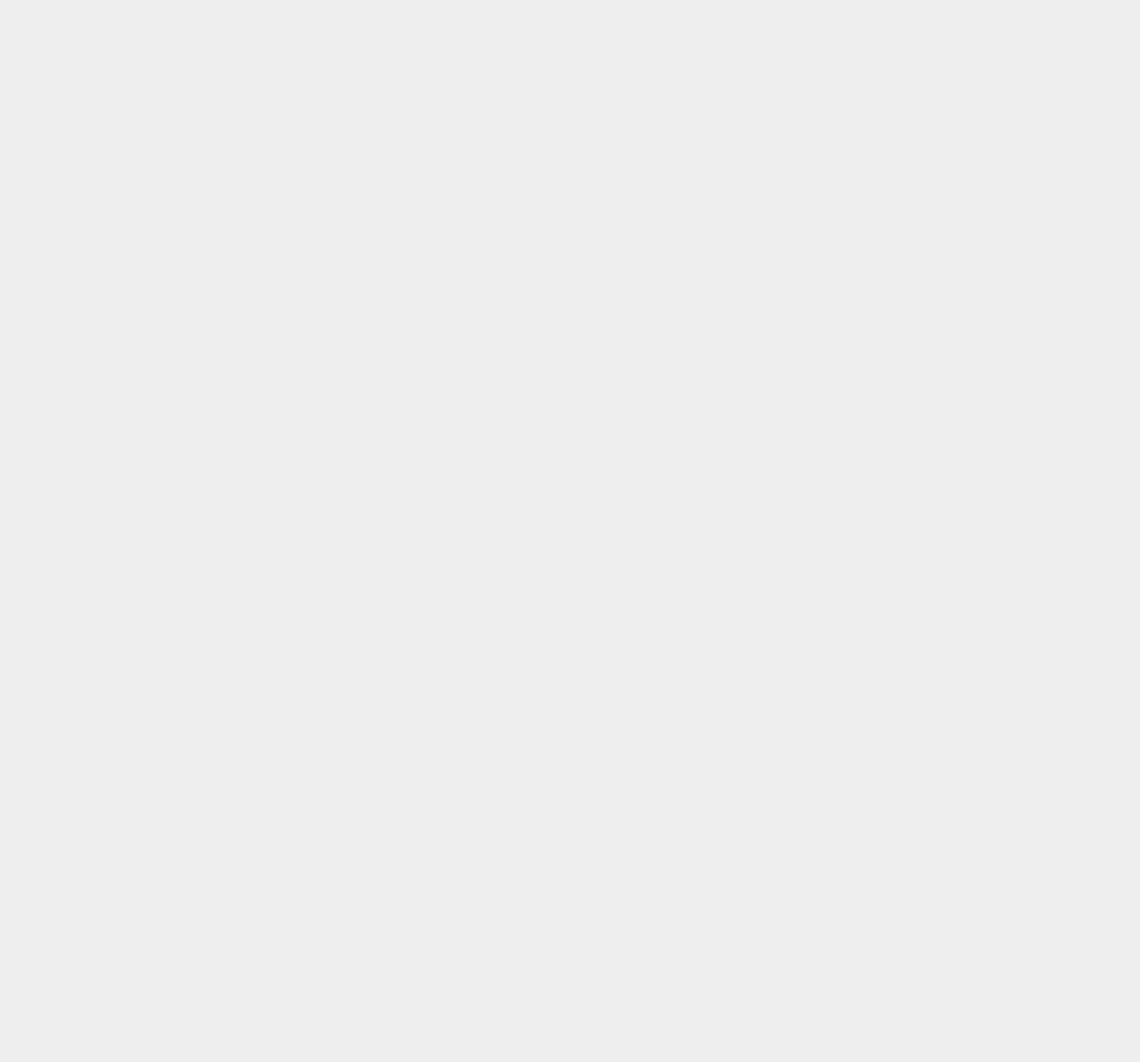 The image size is (1140, 1062). I want to click on 'ChromeBox', so click(841, 480).